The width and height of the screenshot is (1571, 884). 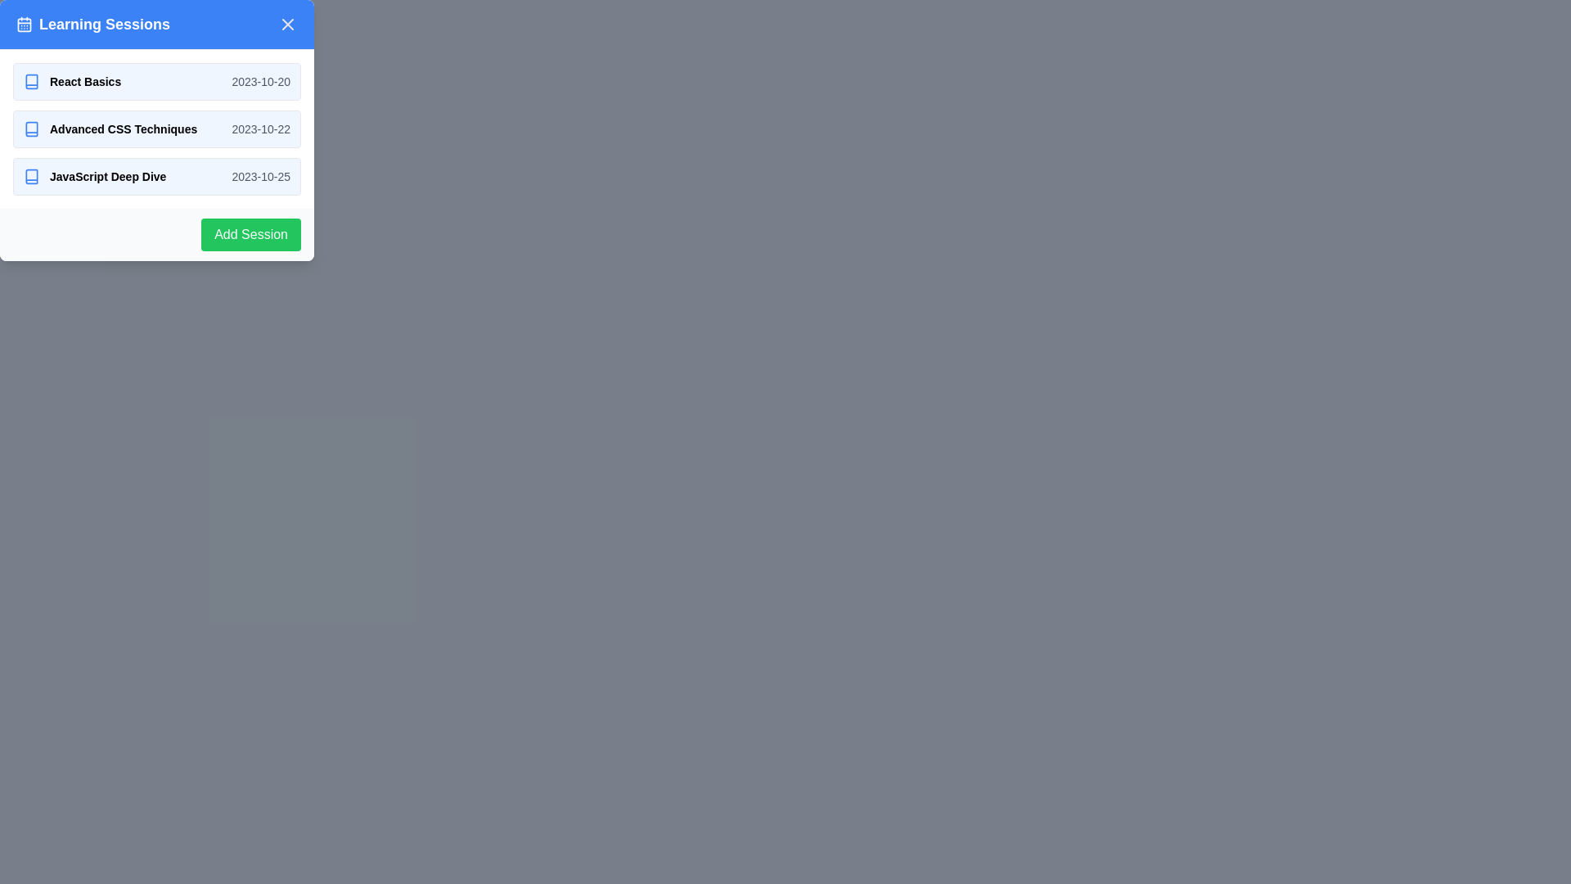 What do you see at coordinates (92, 25) in the screenshot?
I see `the calendar icon in the 'Learning Sessions' header section located at the upper-left corner of the blue header bar` at bounding box center [92, 25].